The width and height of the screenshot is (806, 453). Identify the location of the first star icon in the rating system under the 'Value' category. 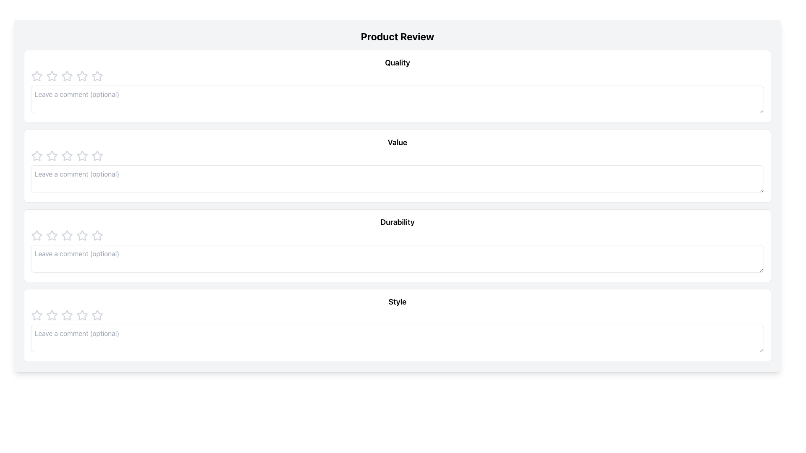
(36, 156).